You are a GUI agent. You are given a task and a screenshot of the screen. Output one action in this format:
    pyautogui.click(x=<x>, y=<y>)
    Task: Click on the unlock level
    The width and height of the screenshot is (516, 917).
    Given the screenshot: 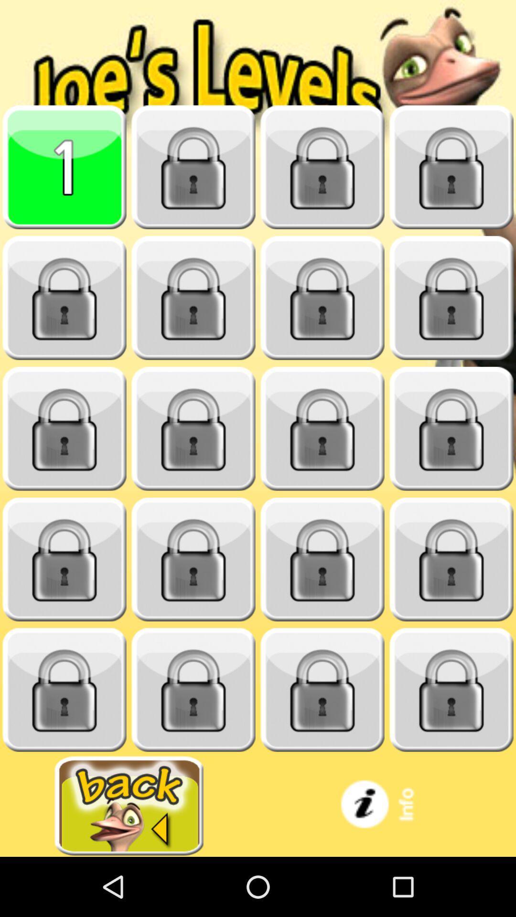 What is the action you would take?
    pyautogui.click(x=64, y=690)
    